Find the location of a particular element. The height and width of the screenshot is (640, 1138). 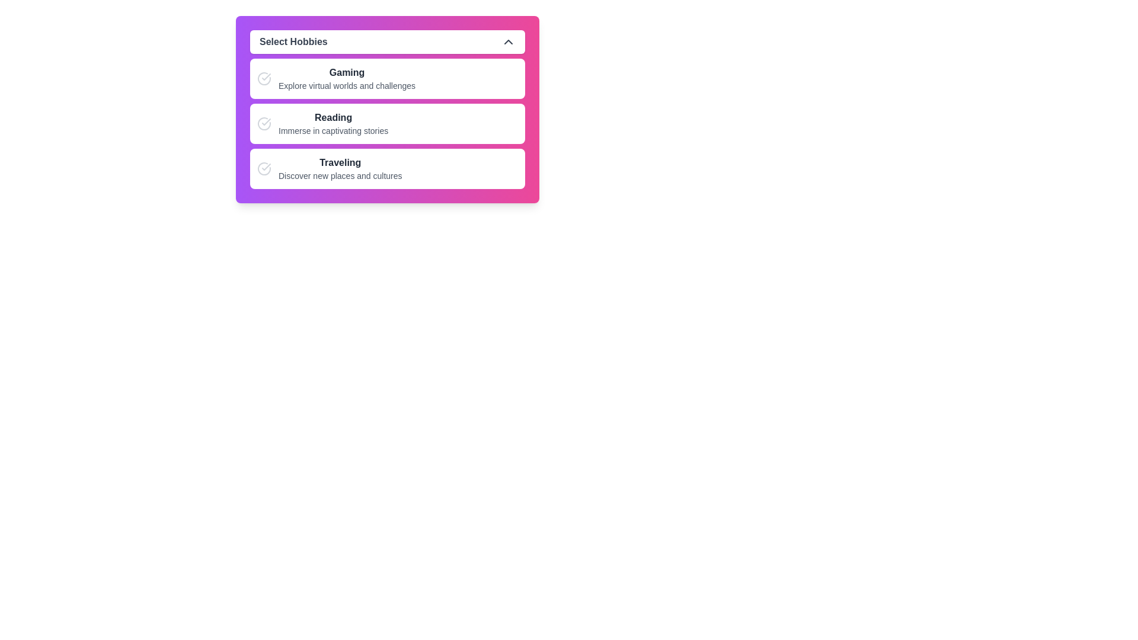

the 'Reading' list item that represents an option in a hobbies list, positioned between 'Gaming' and 'Traveling' is located at coordinates (387, 110).